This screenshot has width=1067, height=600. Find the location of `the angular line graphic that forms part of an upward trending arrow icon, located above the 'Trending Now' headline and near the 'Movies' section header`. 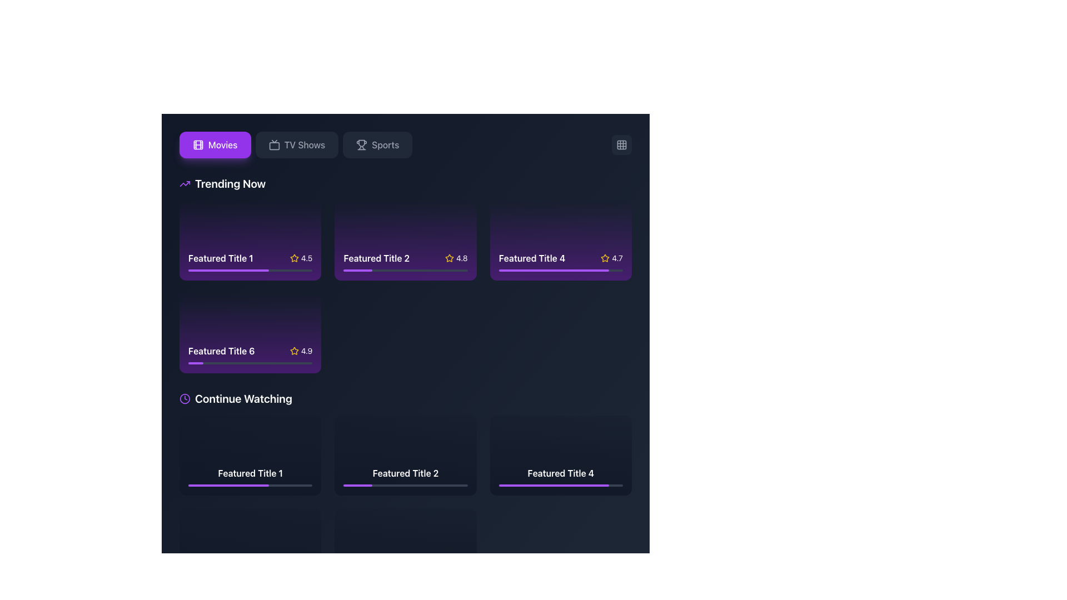

the angular line graphic that forms part of an upward trending arrow icon, located above the 'Trending Now' headline and near the 'Movies' section header is located at coordinates (185, 183).